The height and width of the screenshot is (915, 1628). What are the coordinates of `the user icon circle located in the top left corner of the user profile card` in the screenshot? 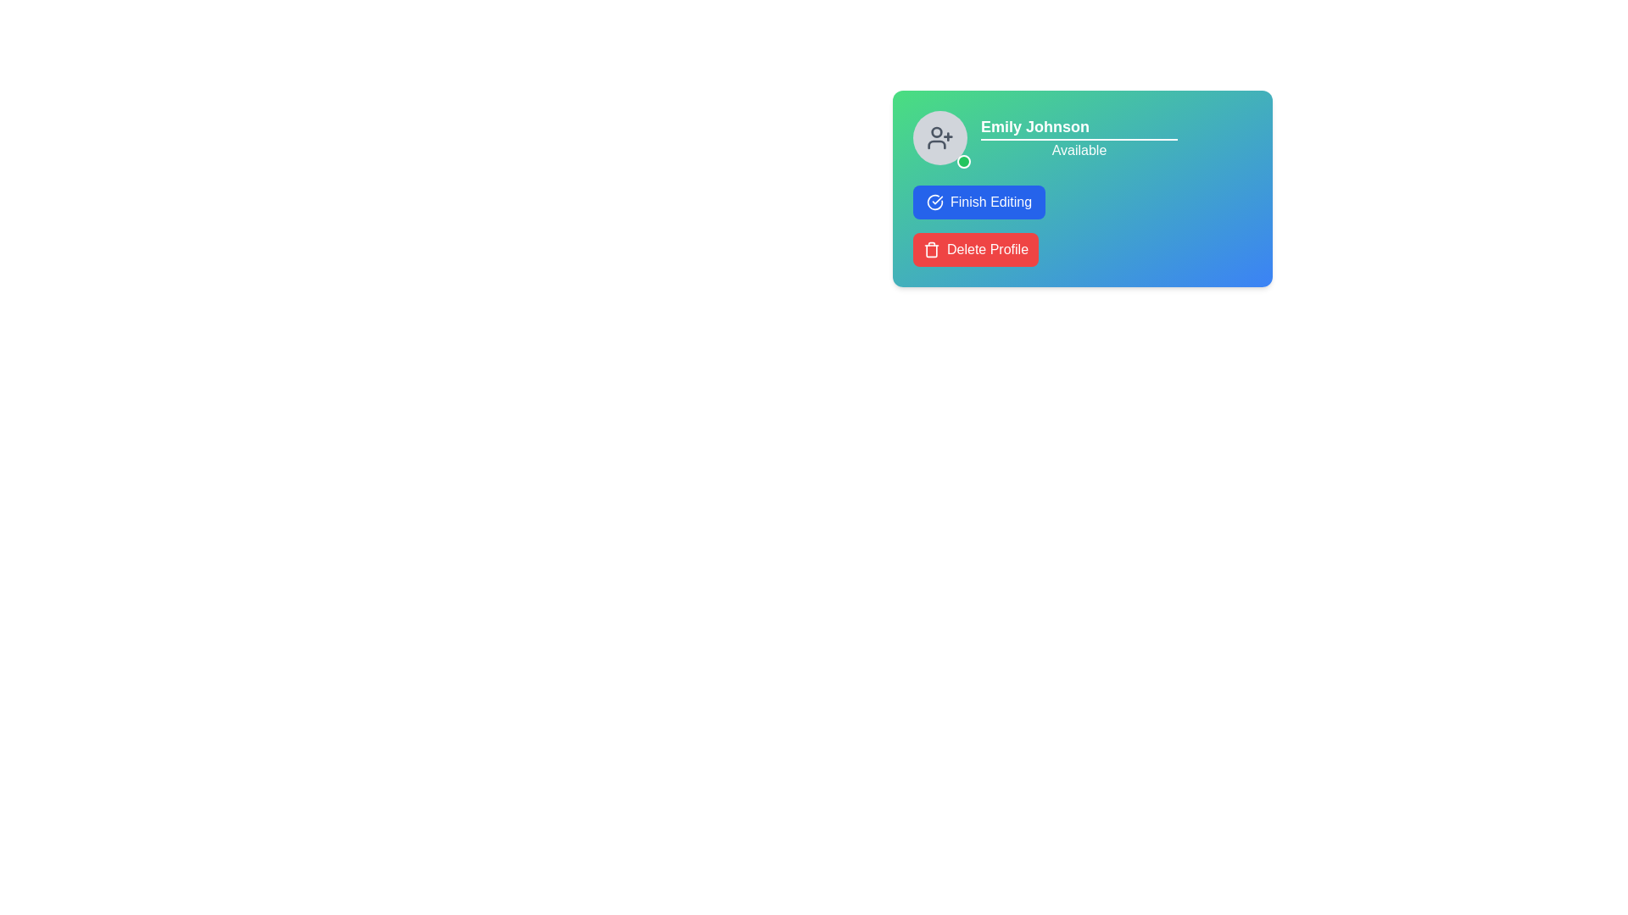 It's located at (935, 130).